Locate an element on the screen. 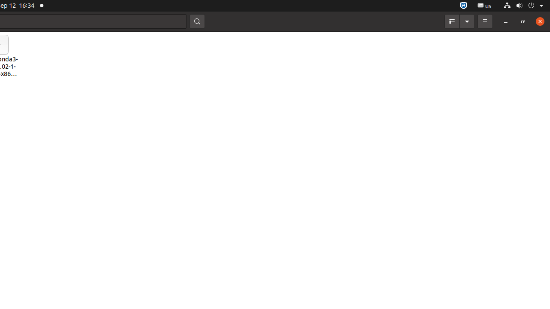  'Restore' is located at coordinates (522, 21).